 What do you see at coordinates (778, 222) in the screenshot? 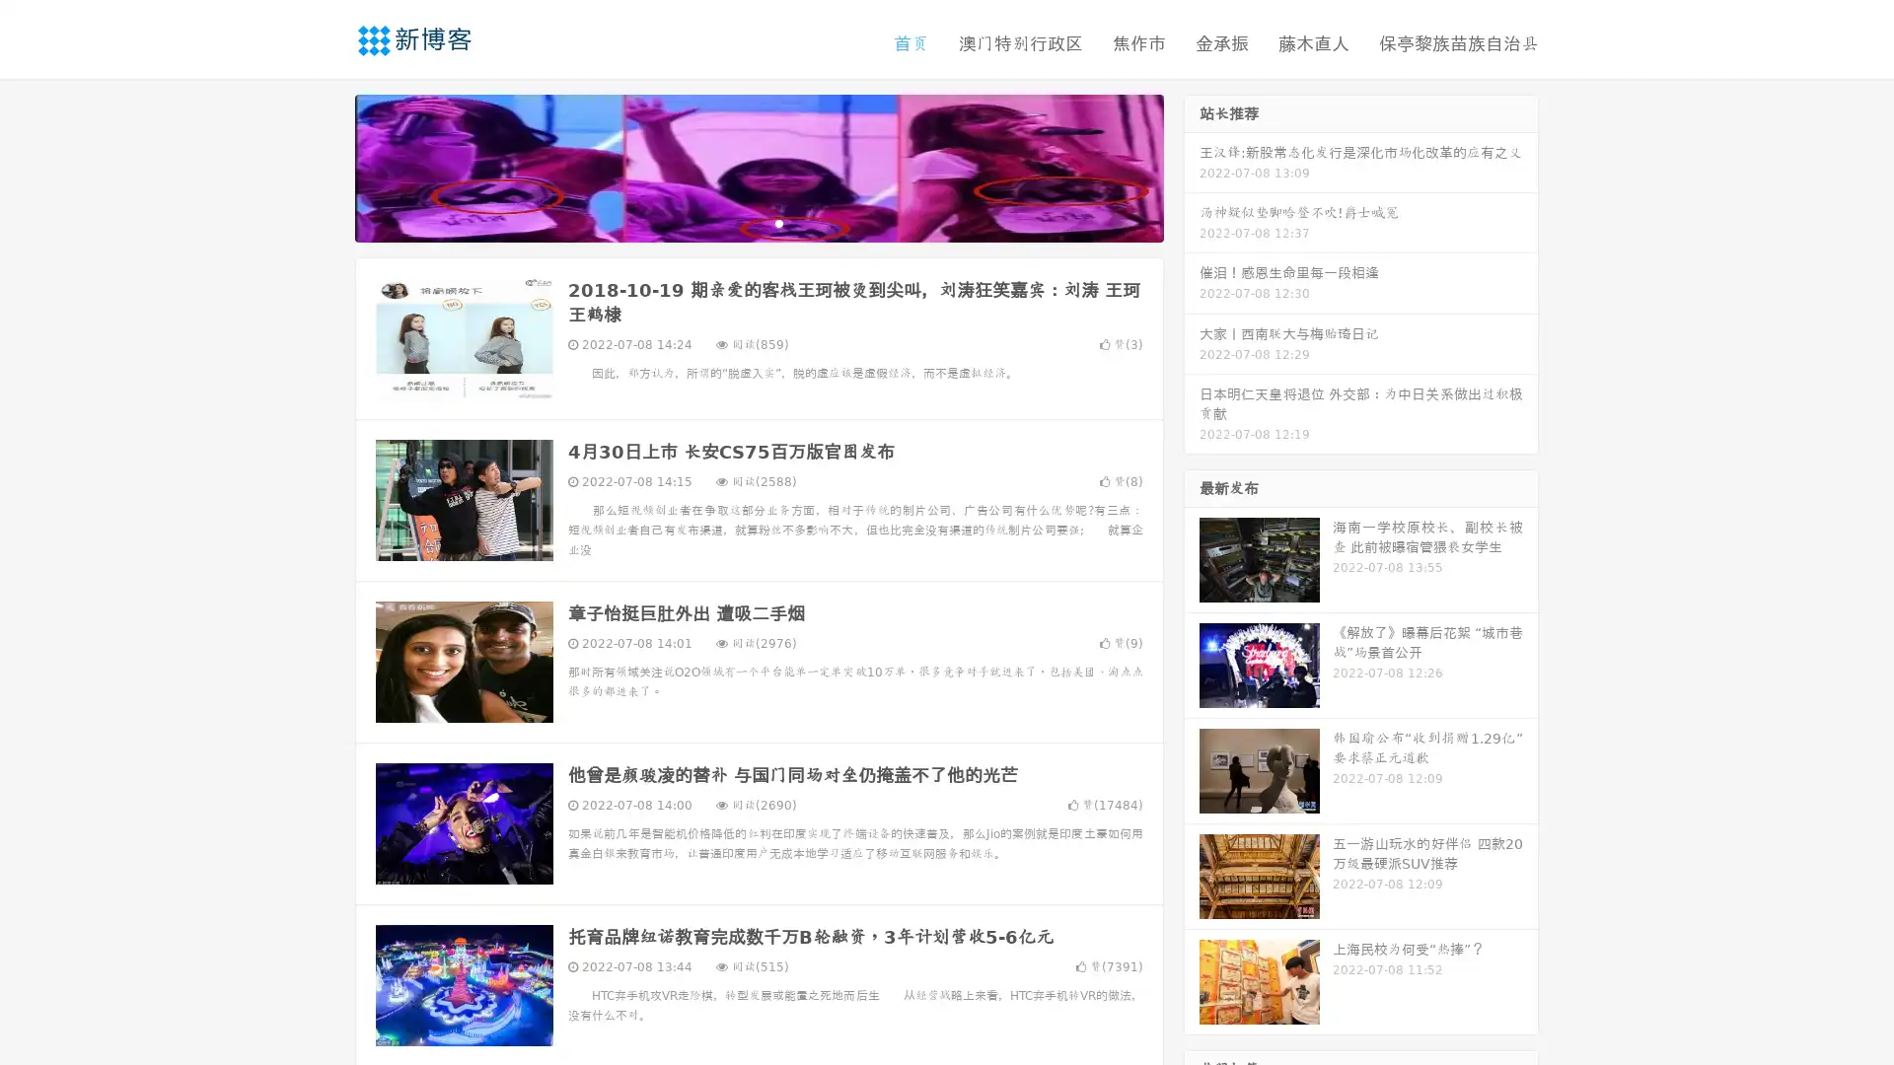
I see `Go to slide 3` at bounding box center [778, 222].